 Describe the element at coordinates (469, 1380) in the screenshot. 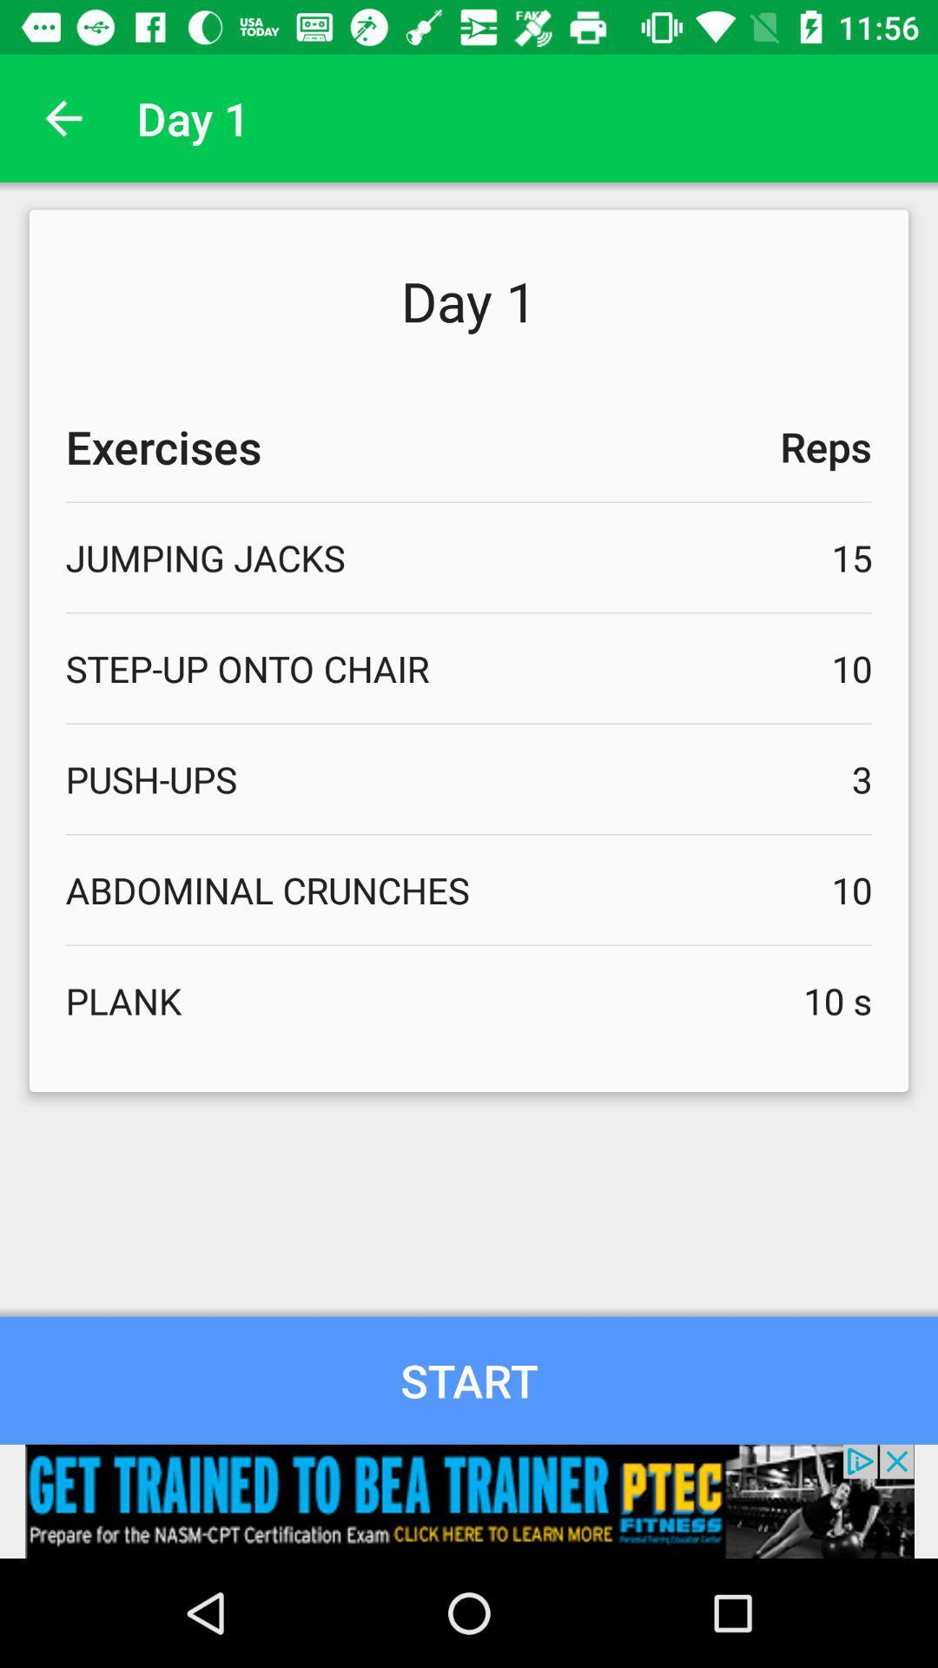

I see `start the exercise` at that location.